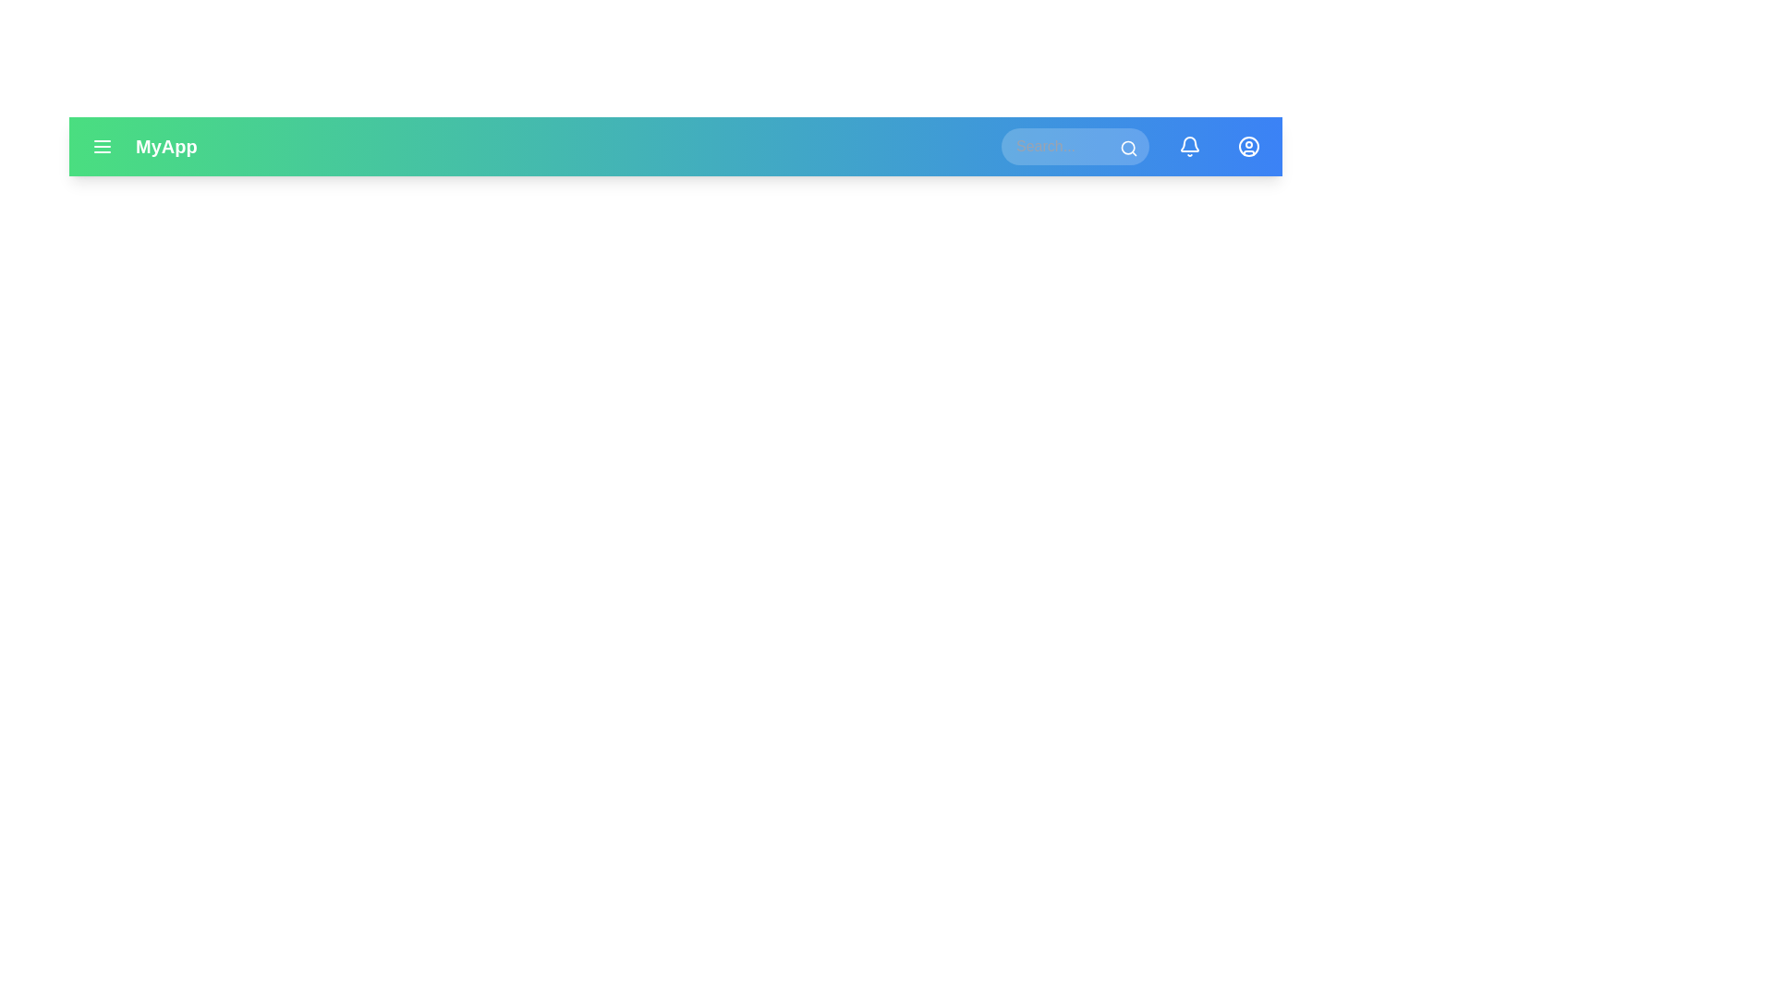 This screenshot has width=1774, height=997. What do you see at coordinates (1189, 145) in the screenshot?
I see `the bell icon to view notifications` at bounding box center [1189, 145].